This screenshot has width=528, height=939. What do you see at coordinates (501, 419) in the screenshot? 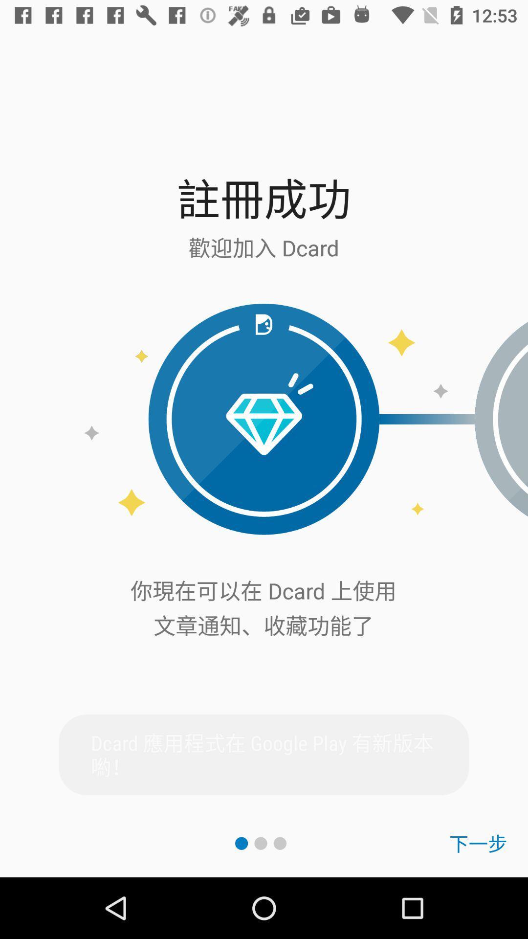
I see `the arrow_backward icon` at bounding box center [501, 419].